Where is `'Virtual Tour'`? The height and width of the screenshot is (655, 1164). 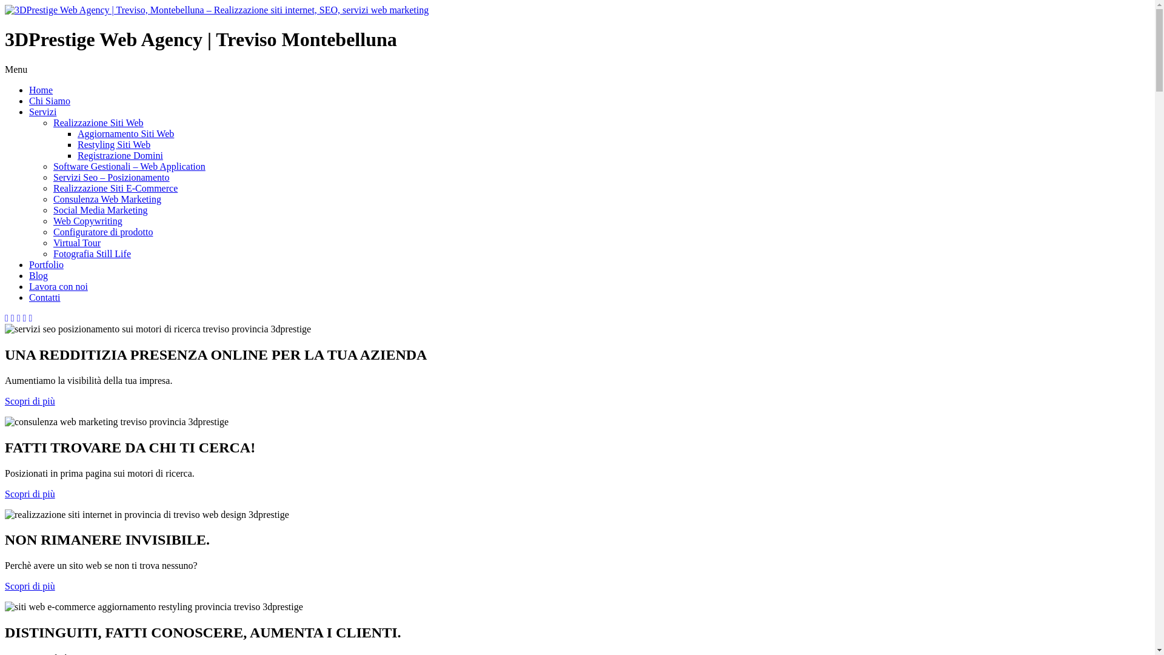 'Virtual Tour' is located at coordinates (76, 243).